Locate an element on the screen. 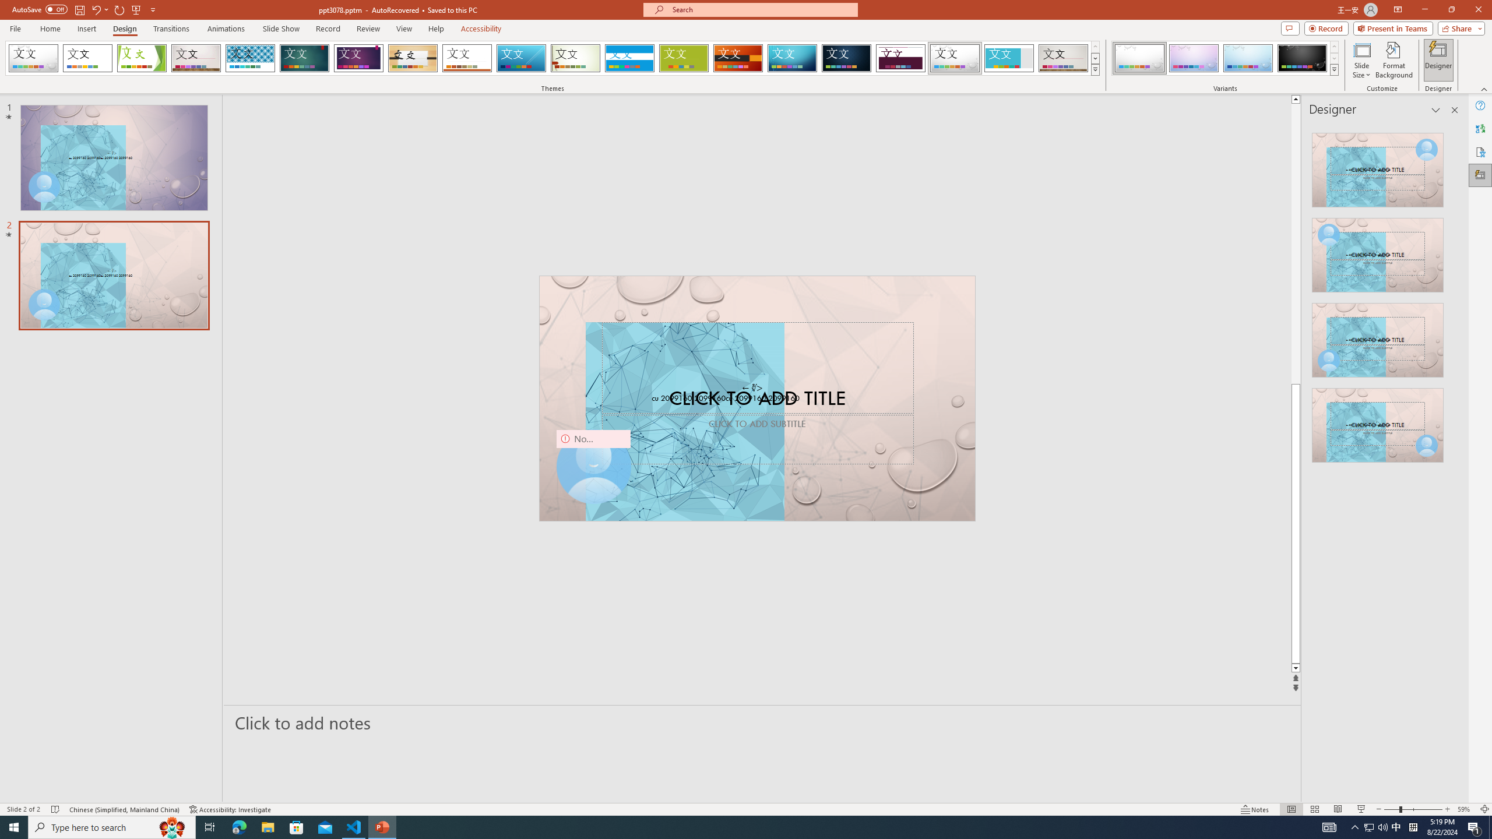 The width and height of the screenshot is (1492, 839). 'Circuit' is located at coordinates (791, 58).